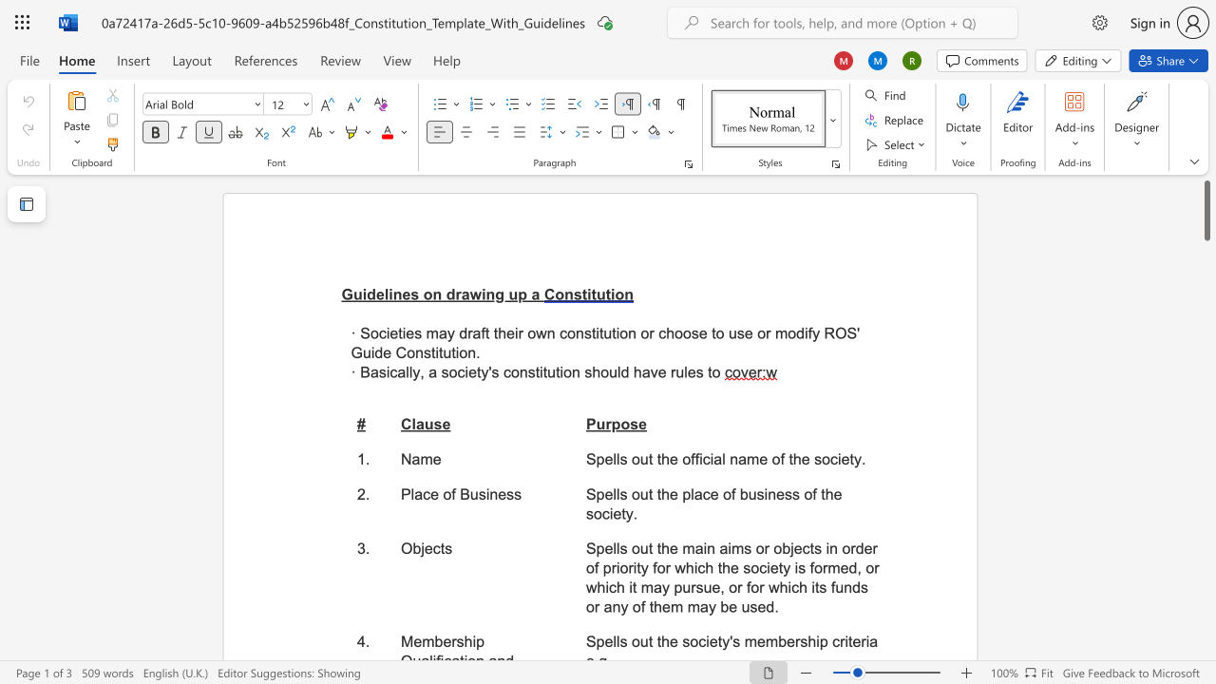 This screenshot has height=684, width=1216. Describe the element at coordinates (492, 372) in the screenshot. I see `the space between the continuous character "'" and "s" in the text` at that location.